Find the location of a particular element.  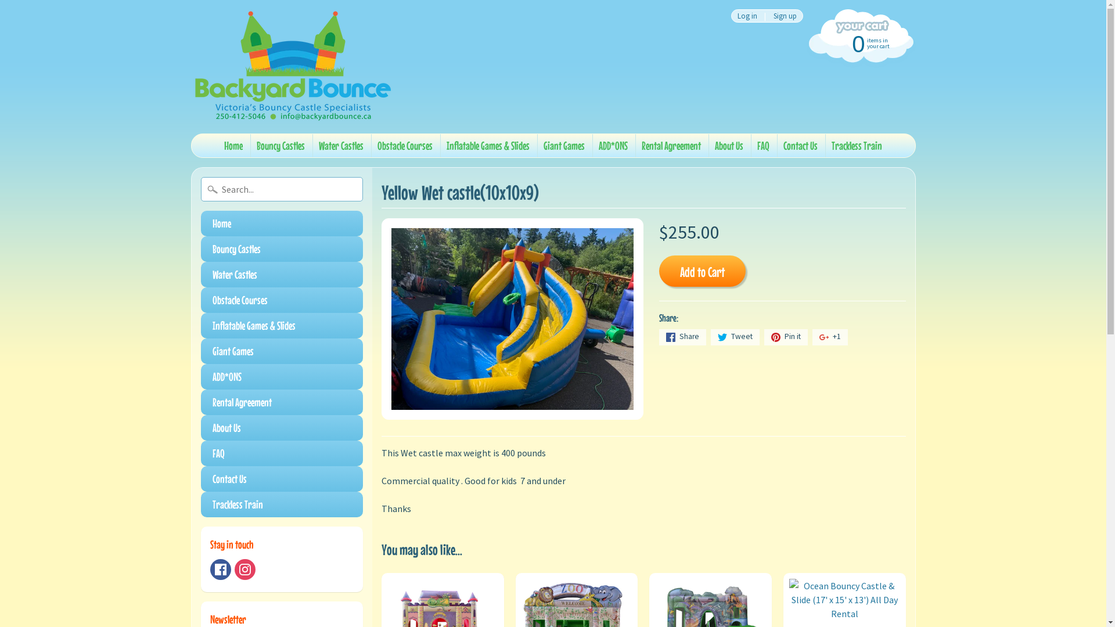

'Sign up' is located at coordinates (785, 16).